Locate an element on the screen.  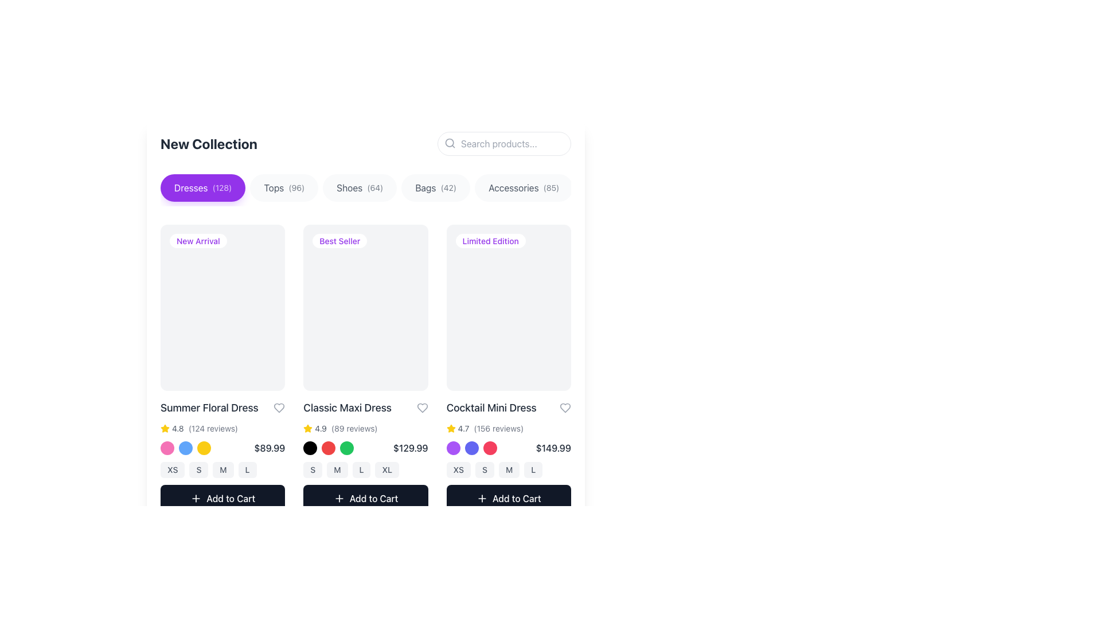
the rating text label displaying the value '4.7' for the product 'Cocktail Mini Dress' to potentially display additional information is located at coordinates (463, 428).